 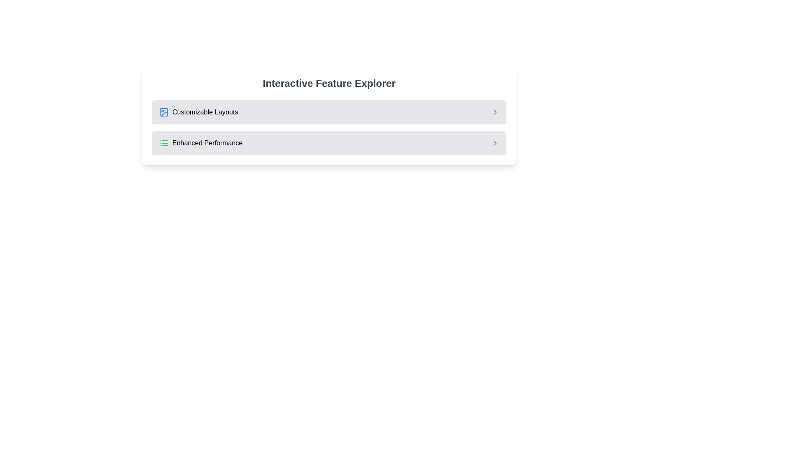 I want to click on the icon located at the extreme right of the 'Enhanced Performance' row, so click(x=495, y=143).